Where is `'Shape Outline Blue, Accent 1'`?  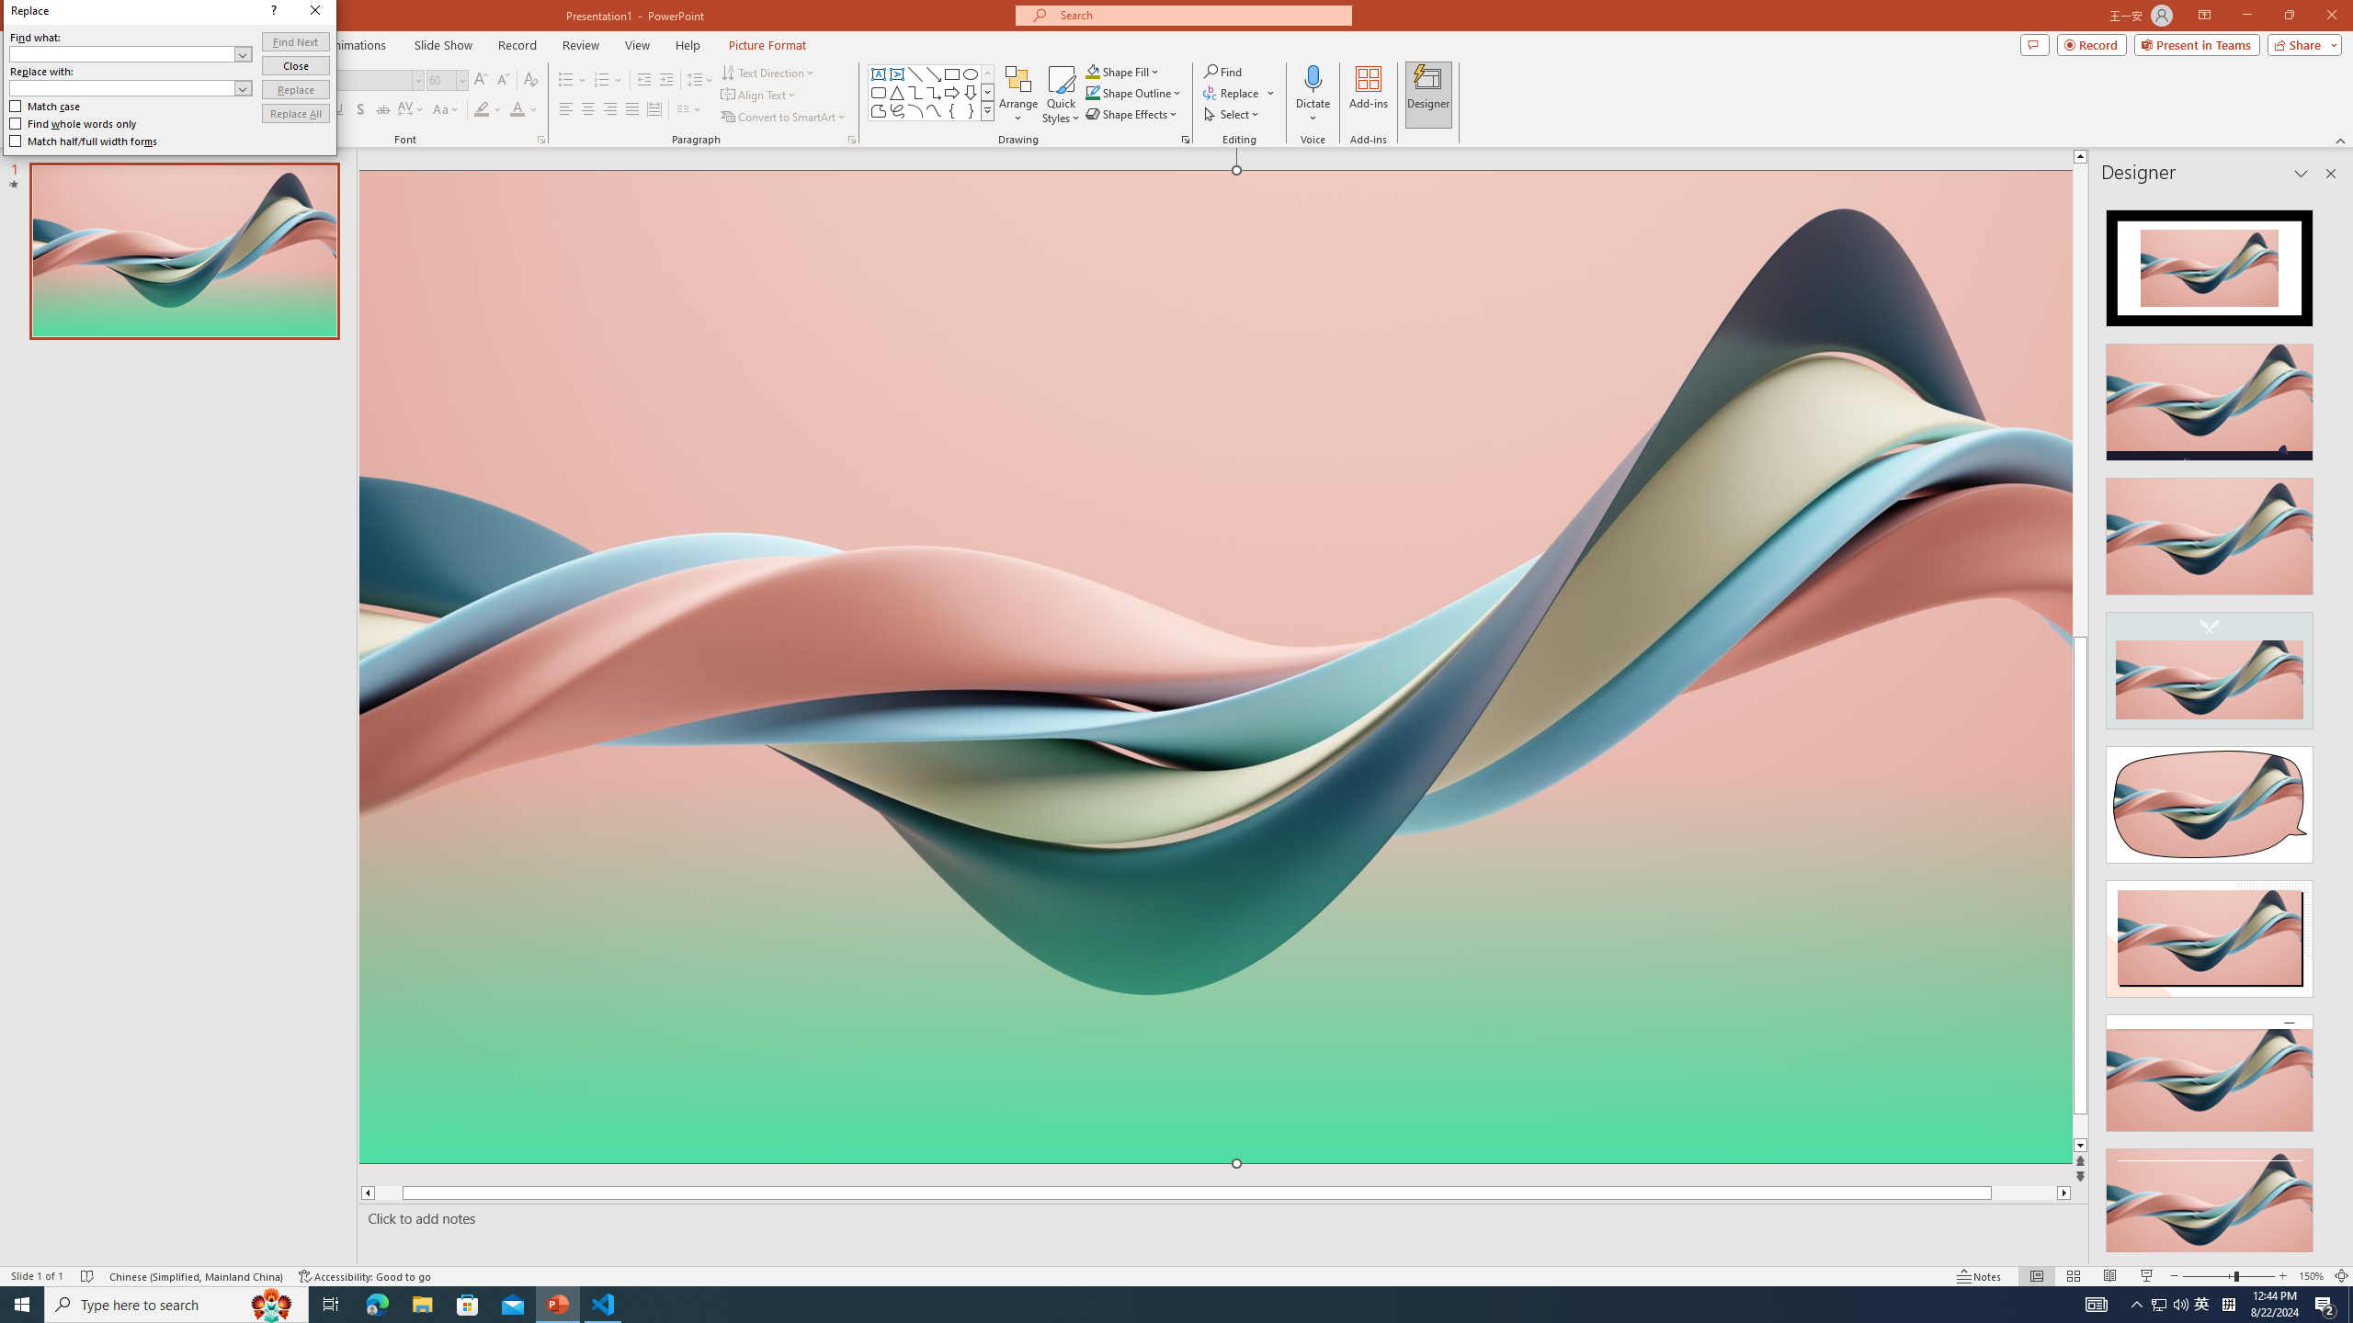
'Shape Outline Blue, Accent 1' is located at coordinates (1093, 91).